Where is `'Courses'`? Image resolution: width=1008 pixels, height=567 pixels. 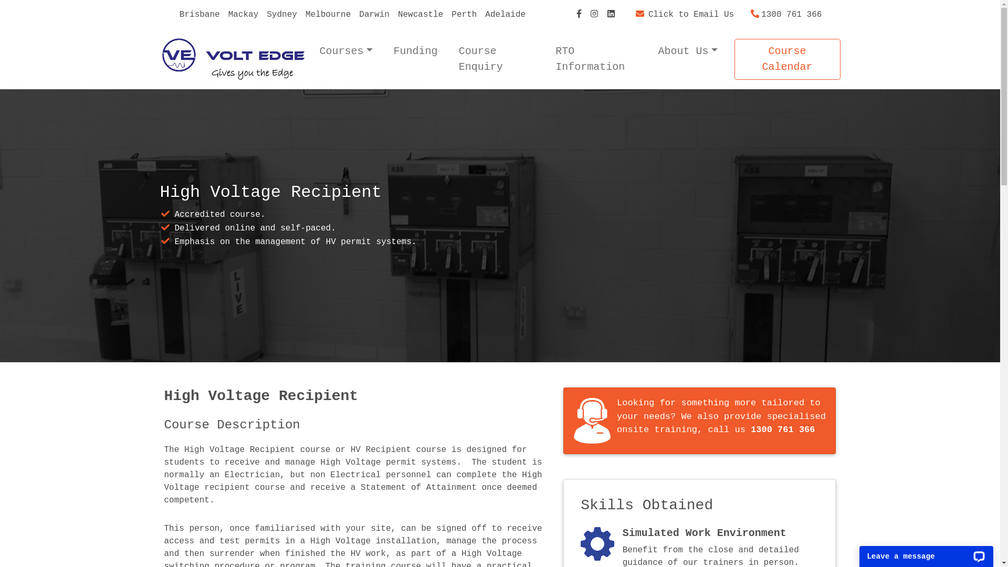
'Courses' is located at coordinates (345, 51).